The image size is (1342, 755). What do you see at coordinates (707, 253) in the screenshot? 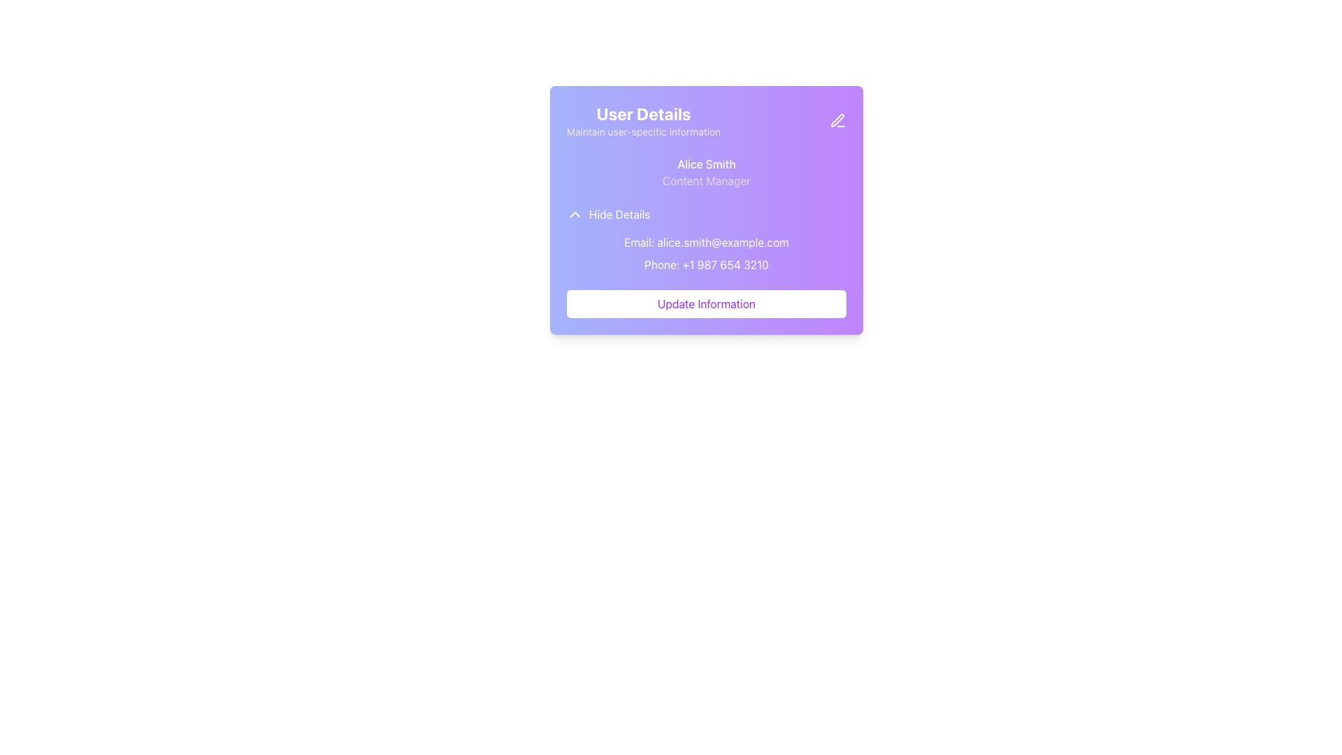
I see `the text block containing contact details, which features 'Email:' and 'Phone:' on a gradient background, positioned centrally beneath the 'Hide Details' link` at bounding box center [707, 253].